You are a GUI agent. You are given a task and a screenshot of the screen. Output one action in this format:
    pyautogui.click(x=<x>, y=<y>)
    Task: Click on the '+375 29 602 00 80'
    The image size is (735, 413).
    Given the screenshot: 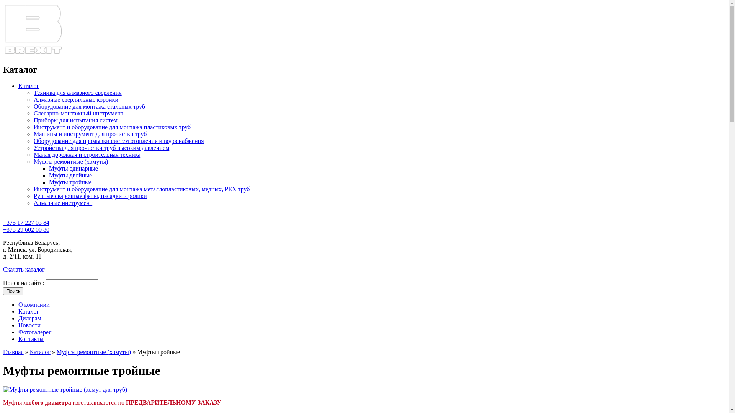 What is the action you would take?
    pyautogui.click(x=26, y=229)
    